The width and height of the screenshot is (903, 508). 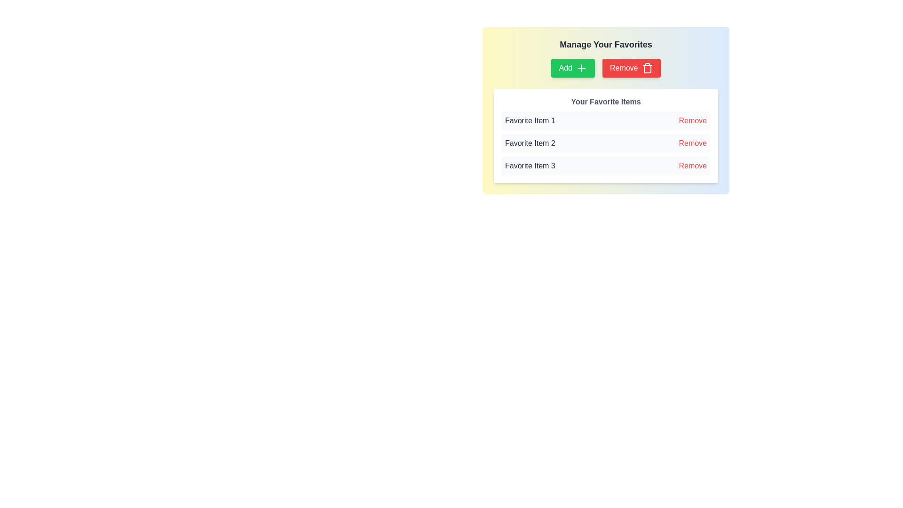 What do you see at coordinates (693, 143) in the screenshot?
I see `the red 'Remove' text label, which is located at the right end of the row labeled 'Favorite Item 2' within the list of favorite items` at bounding box center [693, 143].